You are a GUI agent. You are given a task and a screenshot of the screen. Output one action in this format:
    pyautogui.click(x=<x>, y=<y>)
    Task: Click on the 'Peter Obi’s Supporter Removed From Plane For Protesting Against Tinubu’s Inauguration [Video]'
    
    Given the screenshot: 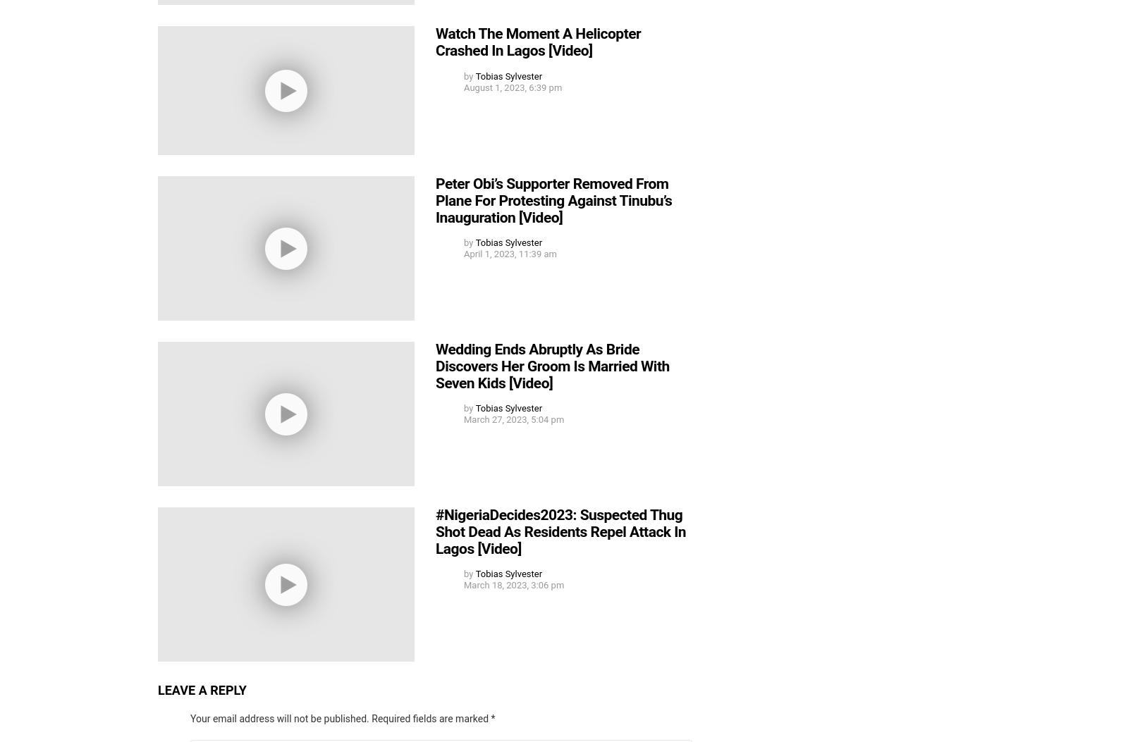 What is the action you would take?
    pyautogui.click(x=553, y=199)
    